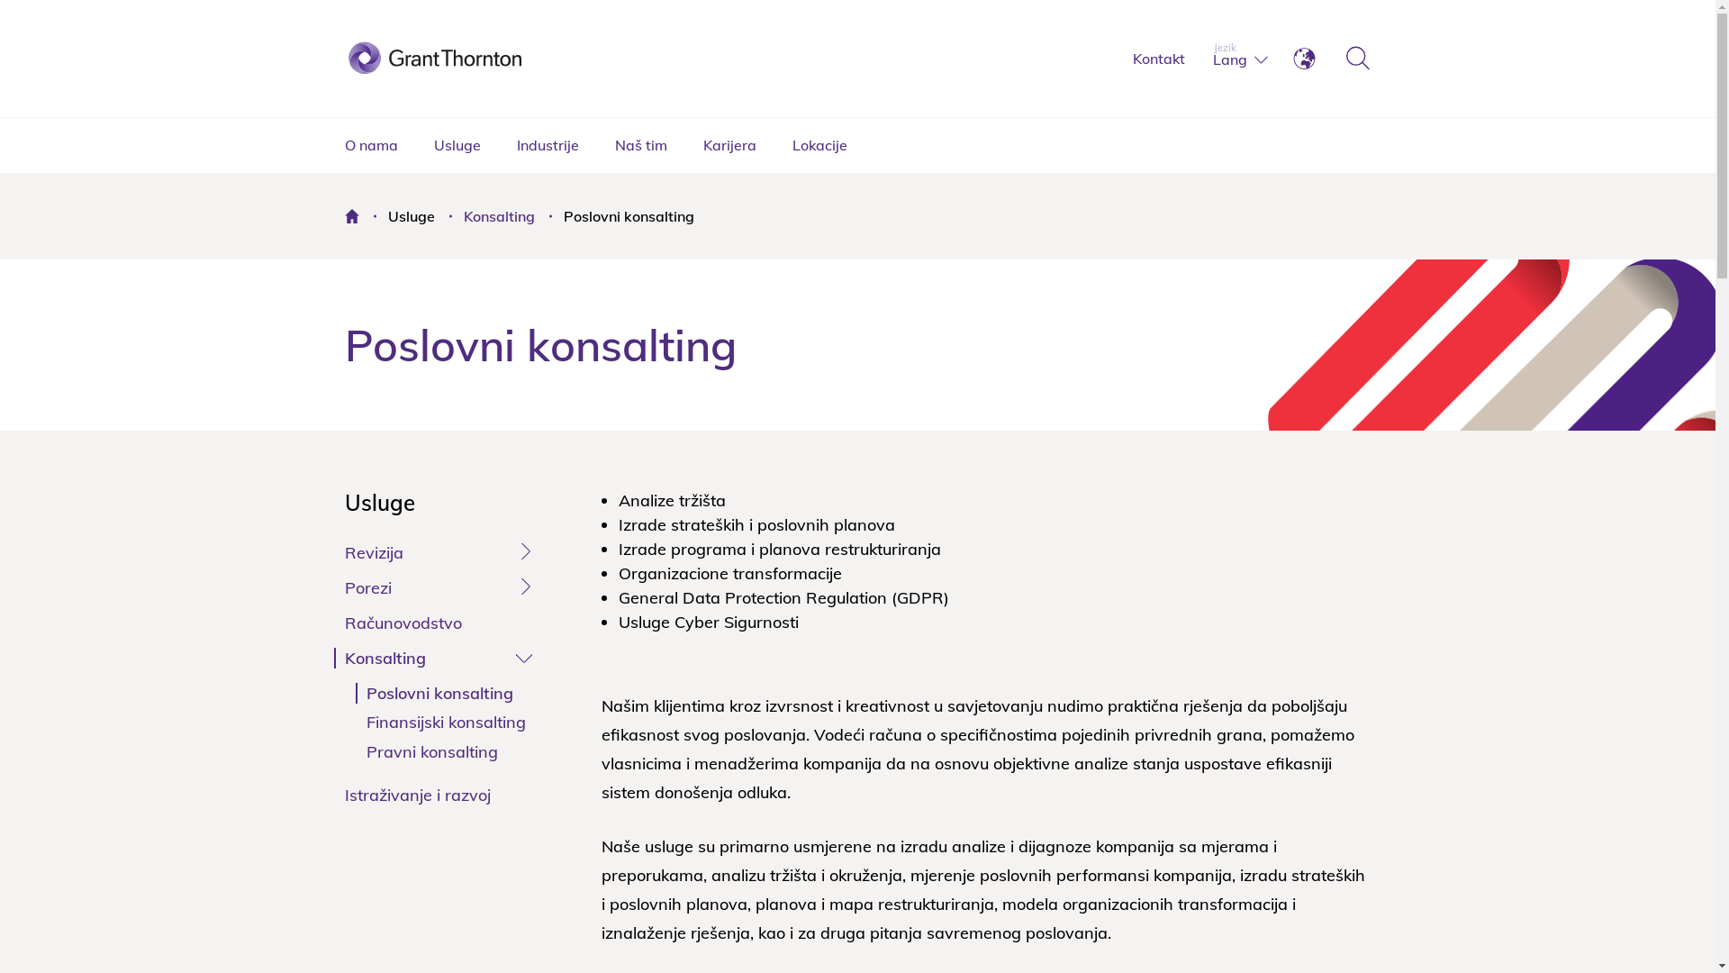 This screenshot has height=973, width=1729. What do you see at coordinates (445, 721) in the screenshot?
I see `'Finansijski konsalting'` at bounding box center [445, 721].